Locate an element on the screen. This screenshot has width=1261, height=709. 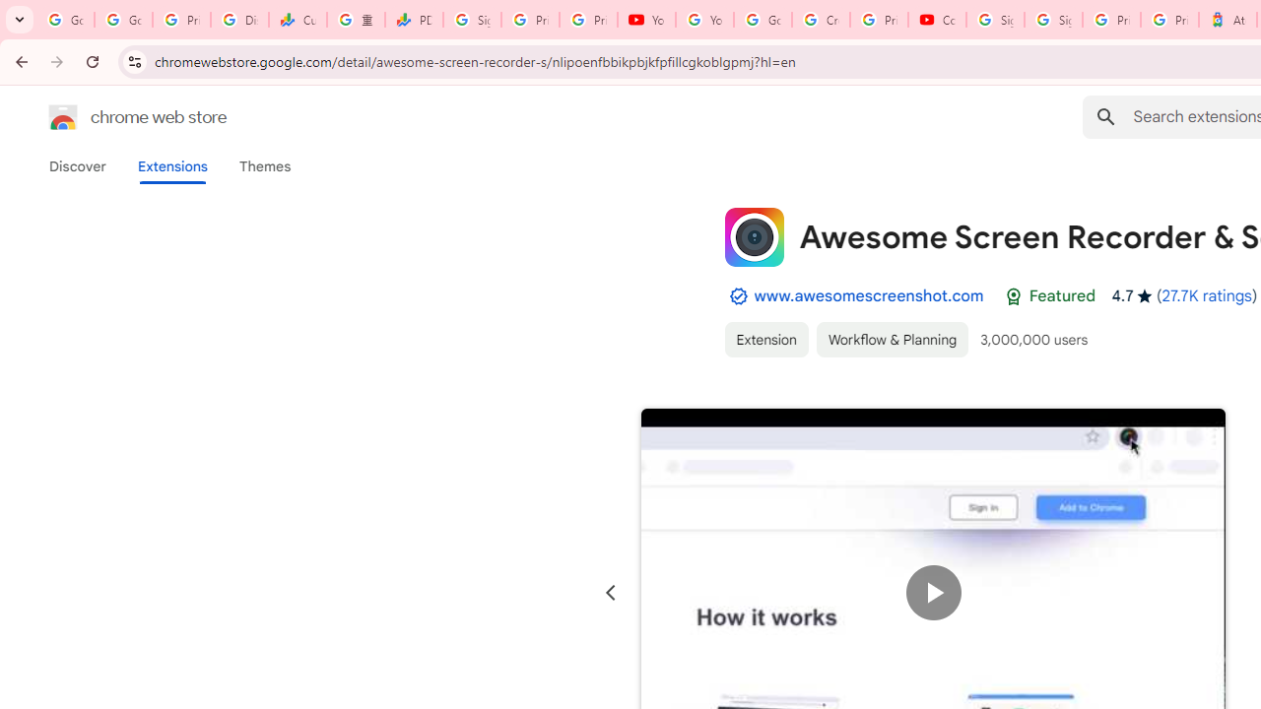
'Extensions' is located at coordinates (171, 165).